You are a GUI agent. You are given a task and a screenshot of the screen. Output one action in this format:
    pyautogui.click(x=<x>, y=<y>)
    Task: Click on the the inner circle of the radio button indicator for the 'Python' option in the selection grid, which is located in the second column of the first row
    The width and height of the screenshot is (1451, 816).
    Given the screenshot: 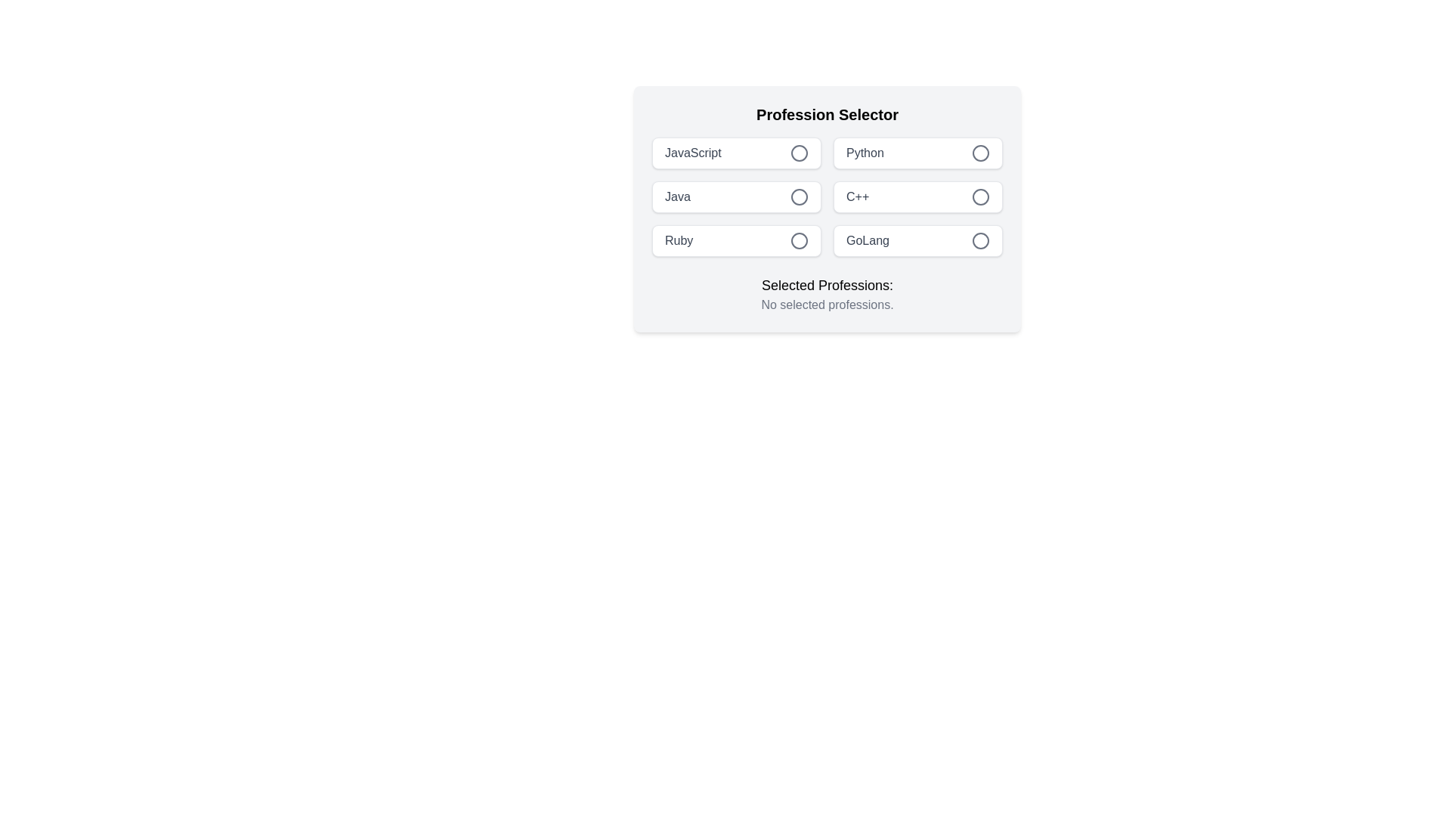 What is the action you would take?
    pyautogui.click(x=980, y=153)
    